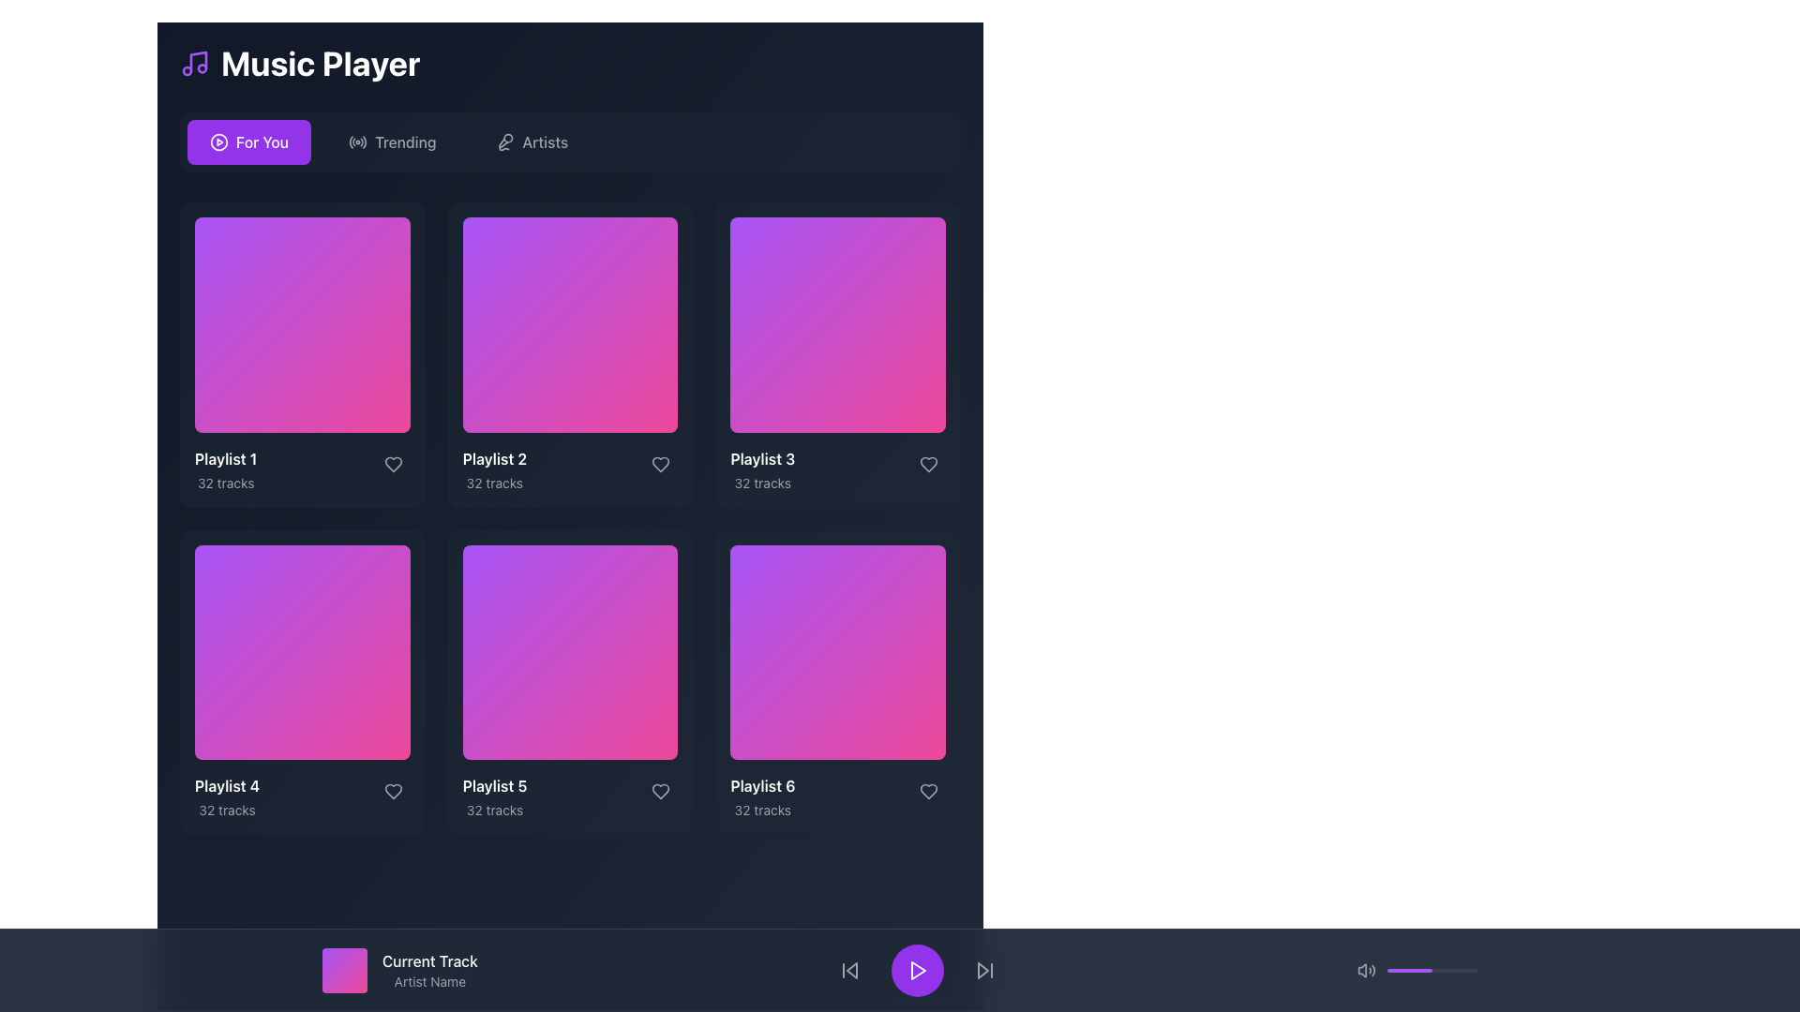  I want to click on the label display for 'Playlist 6' which is located at the bottom-right corner of the grid in the Music Player application, so click(762, 797).